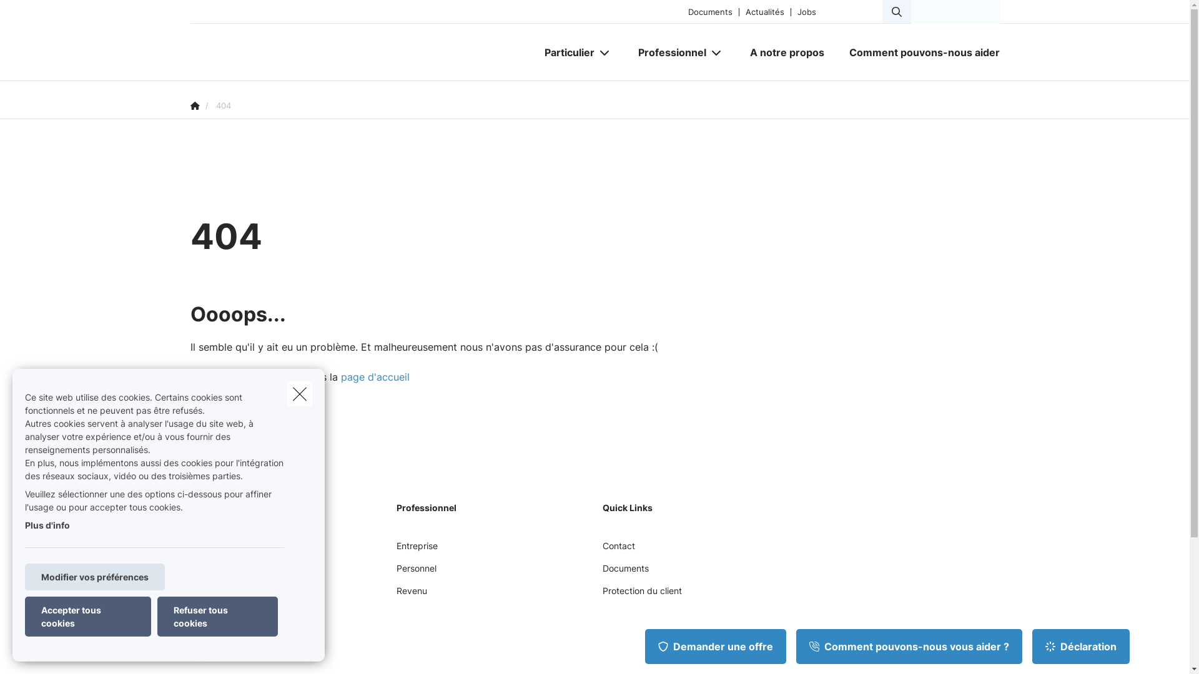 The image size is (1199, 674). What do you see at coordinates (411, 594) in the screenshot?
I see `'Revenu'` at bounding box center [411, 594].